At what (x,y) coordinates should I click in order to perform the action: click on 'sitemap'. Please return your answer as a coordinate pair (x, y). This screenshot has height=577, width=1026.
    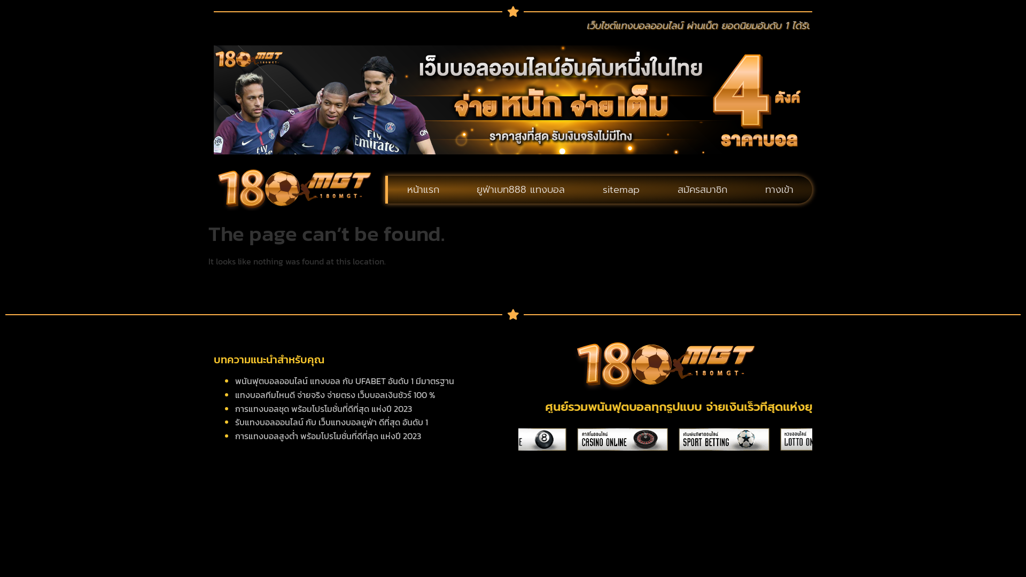
    Looking at the image, I should click on (621, 189).